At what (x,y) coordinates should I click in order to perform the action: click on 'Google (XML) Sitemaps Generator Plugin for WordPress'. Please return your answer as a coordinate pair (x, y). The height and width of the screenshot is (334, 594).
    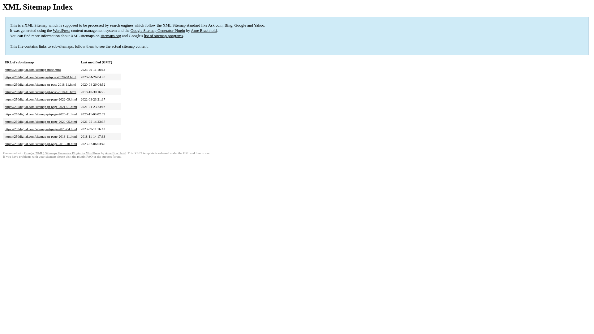
    Looking at the image, I should click on (62, 153).